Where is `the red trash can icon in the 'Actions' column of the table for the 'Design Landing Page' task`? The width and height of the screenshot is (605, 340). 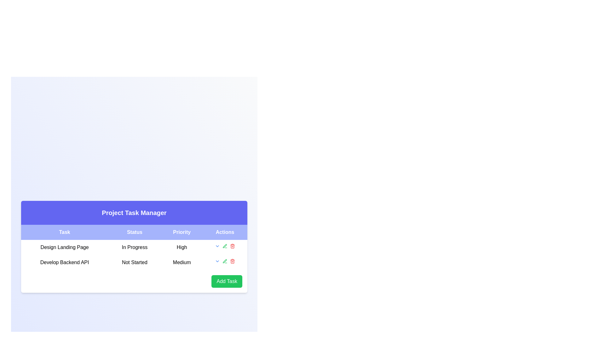 the red trash can icon in the 'Actions' column of the table for the 'Design Landing Page' task is located at coordinates (232, 246).